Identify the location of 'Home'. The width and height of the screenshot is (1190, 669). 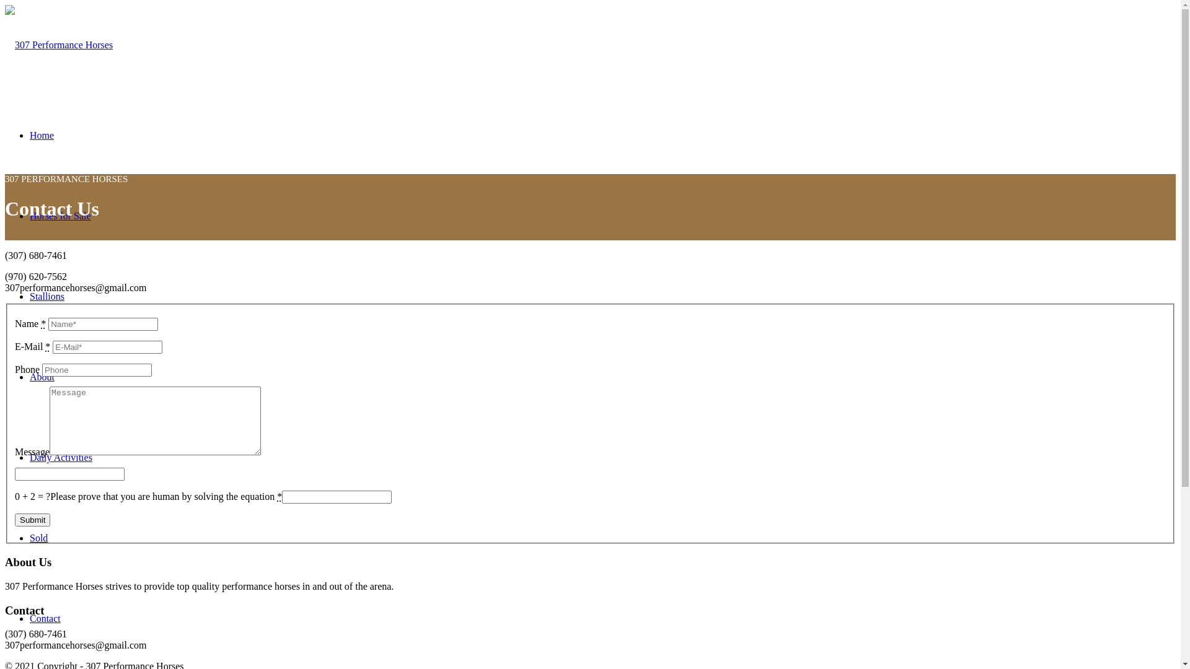
(42, 135).